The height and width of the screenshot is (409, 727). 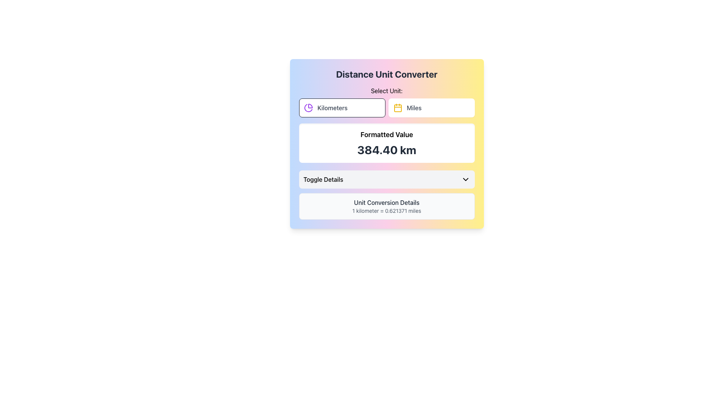 I want to click on the 'Miles' button of the Unit selector toggle, so click(x=387, y=108).